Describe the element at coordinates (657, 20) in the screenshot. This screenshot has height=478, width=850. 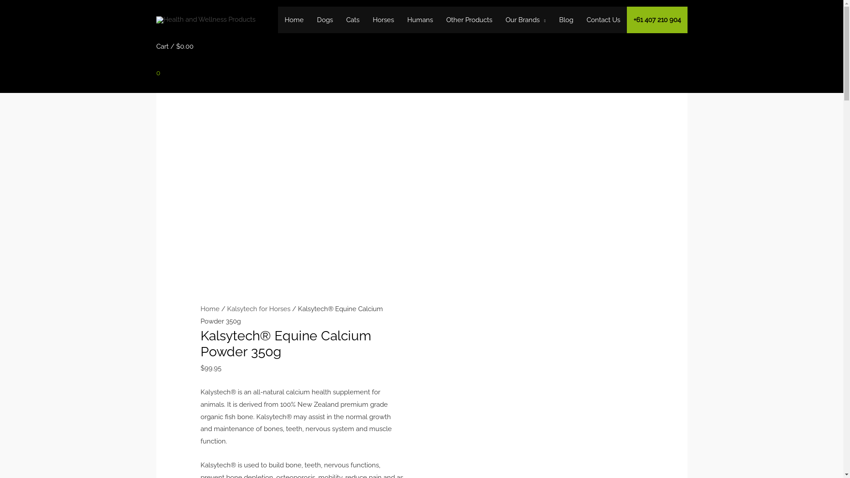
I see `'+61 407 210 904'` at that location.